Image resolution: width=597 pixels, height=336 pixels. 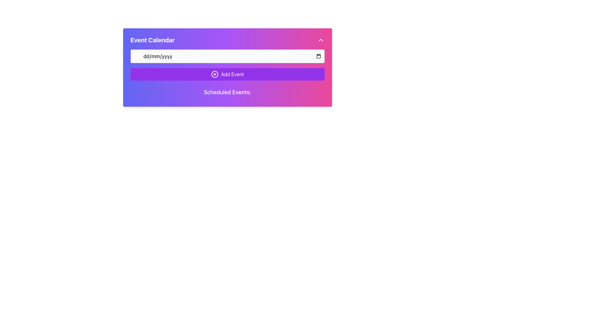 I want to click on the date picker icon located to the left of the date input field as a visual cue, so click(x=137, y=56).